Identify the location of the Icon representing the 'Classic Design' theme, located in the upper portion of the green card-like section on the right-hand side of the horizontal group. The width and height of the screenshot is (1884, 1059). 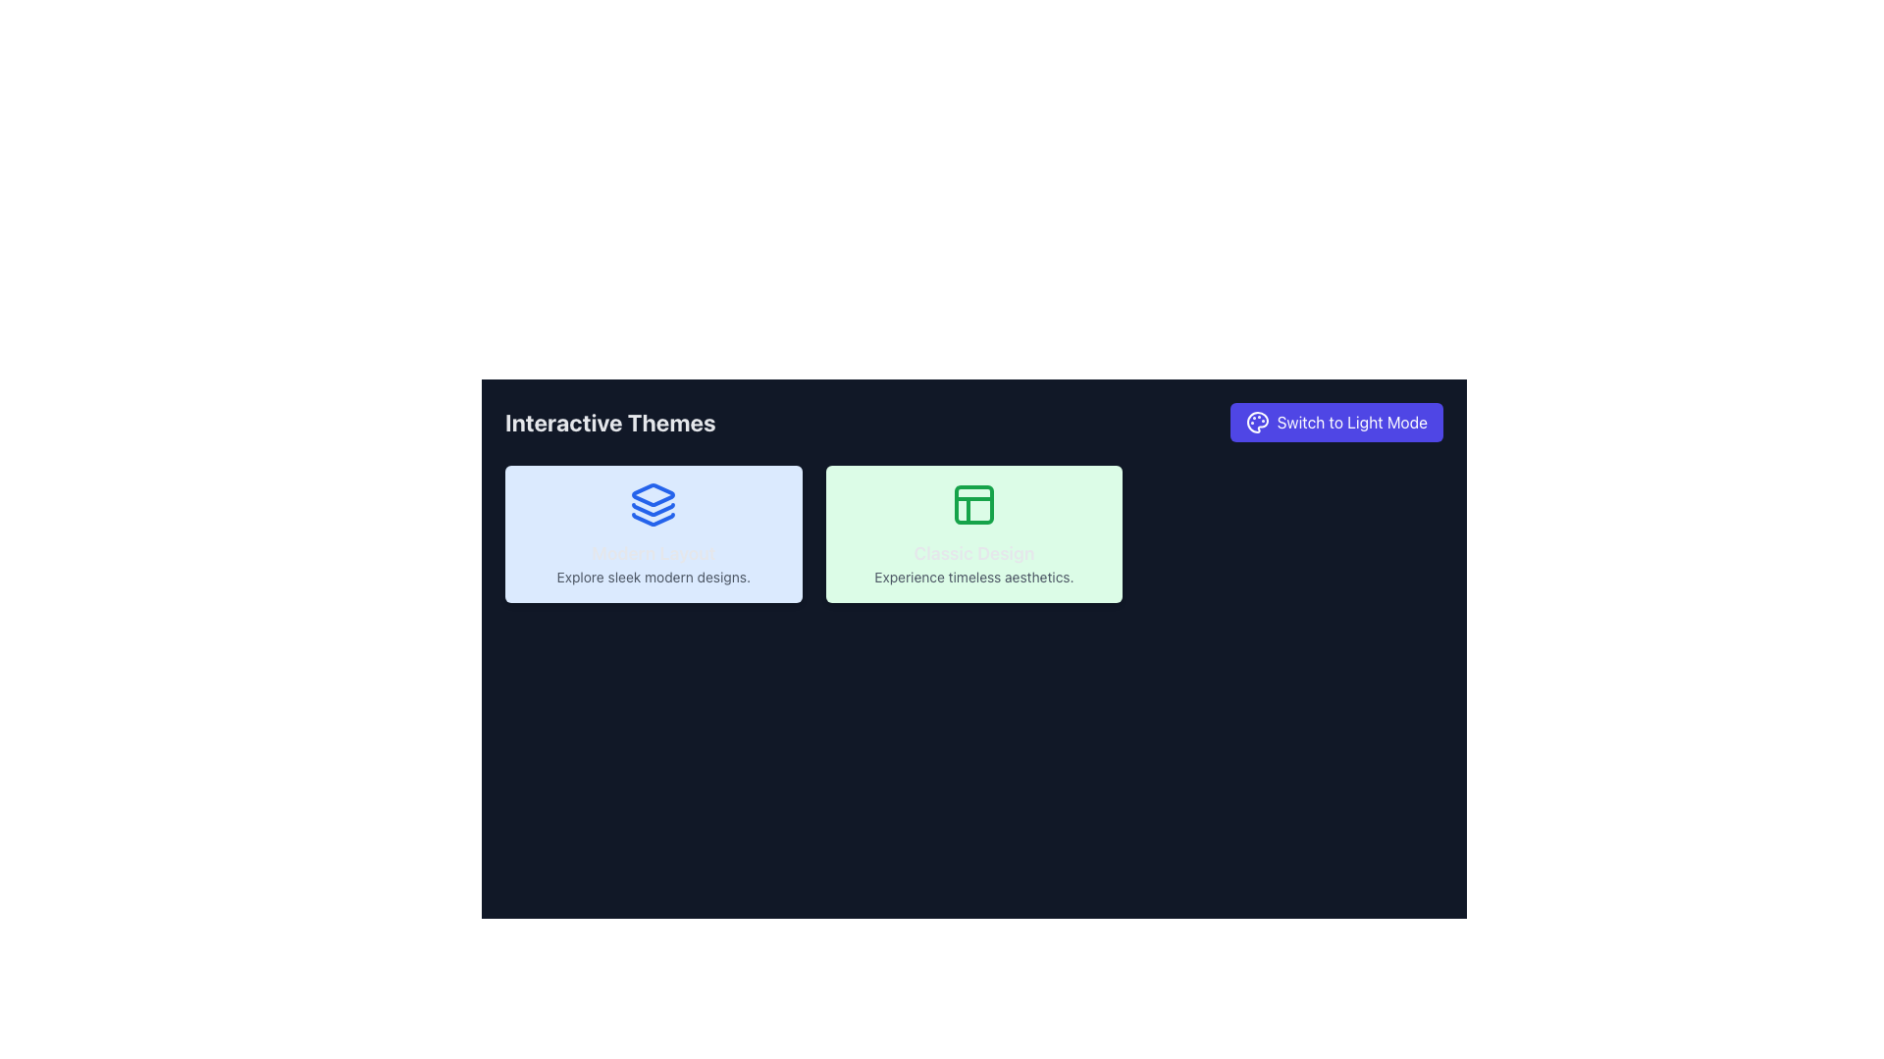
(974, 504).